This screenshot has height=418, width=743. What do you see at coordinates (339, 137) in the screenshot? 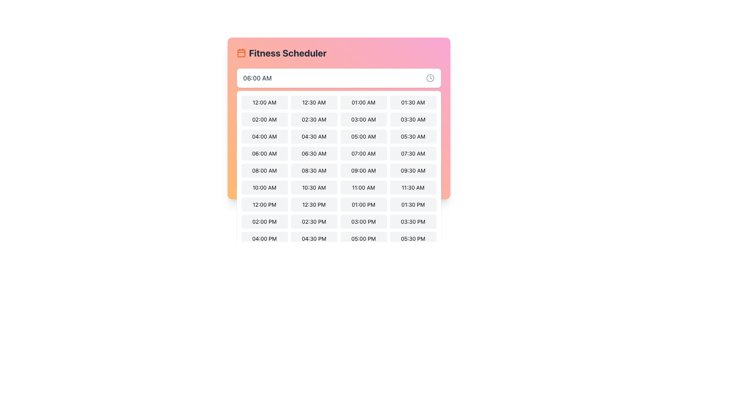
I see `the scheduling button displaying '05:00 AM'` at bounding box center [339, 137].